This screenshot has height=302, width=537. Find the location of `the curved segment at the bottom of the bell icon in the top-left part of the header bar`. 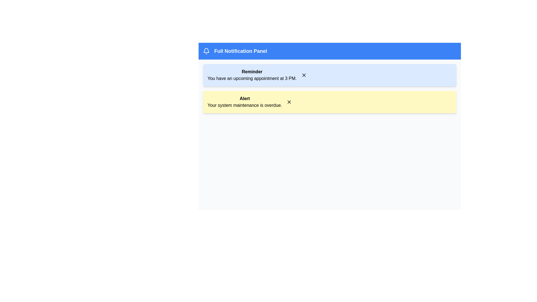

the curved segment at the bottom of the bell icon in the top-left part of the header bar is located at coordinates (206, 50).